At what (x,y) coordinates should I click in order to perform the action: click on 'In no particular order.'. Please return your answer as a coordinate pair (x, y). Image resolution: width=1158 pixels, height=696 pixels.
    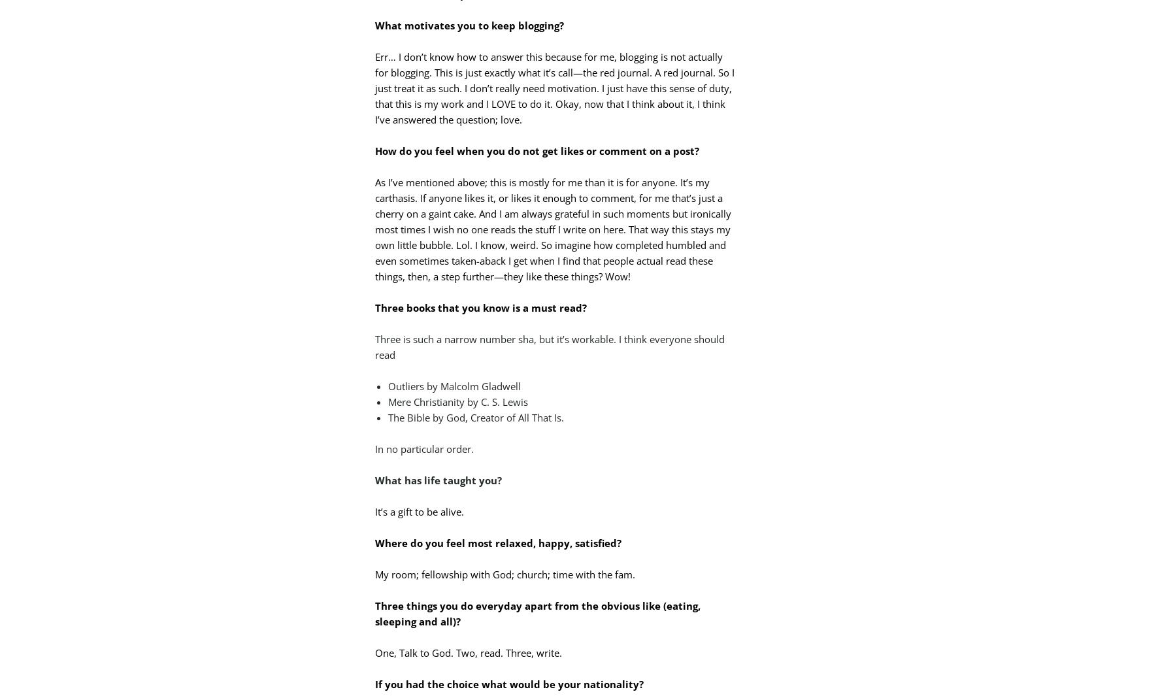
    Looking at the image, I should click on (424, 448).